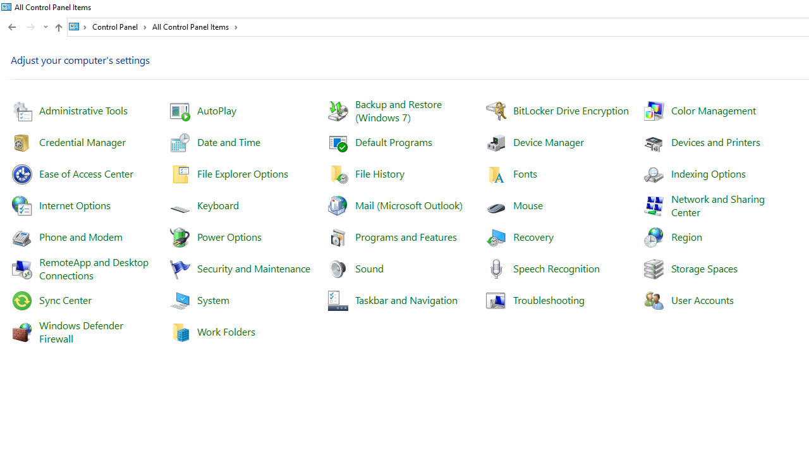 The image size is (809, 455). What do you see at coordinates (195, 27) in the screenshot?
I see `'All Control Panel Items'` at bounding box center [195, 27].